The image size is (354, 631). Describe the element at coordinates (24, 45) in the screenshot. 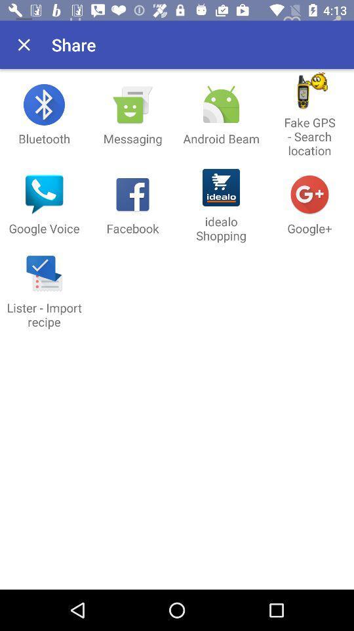

I see `app to the left of share app` at that location.